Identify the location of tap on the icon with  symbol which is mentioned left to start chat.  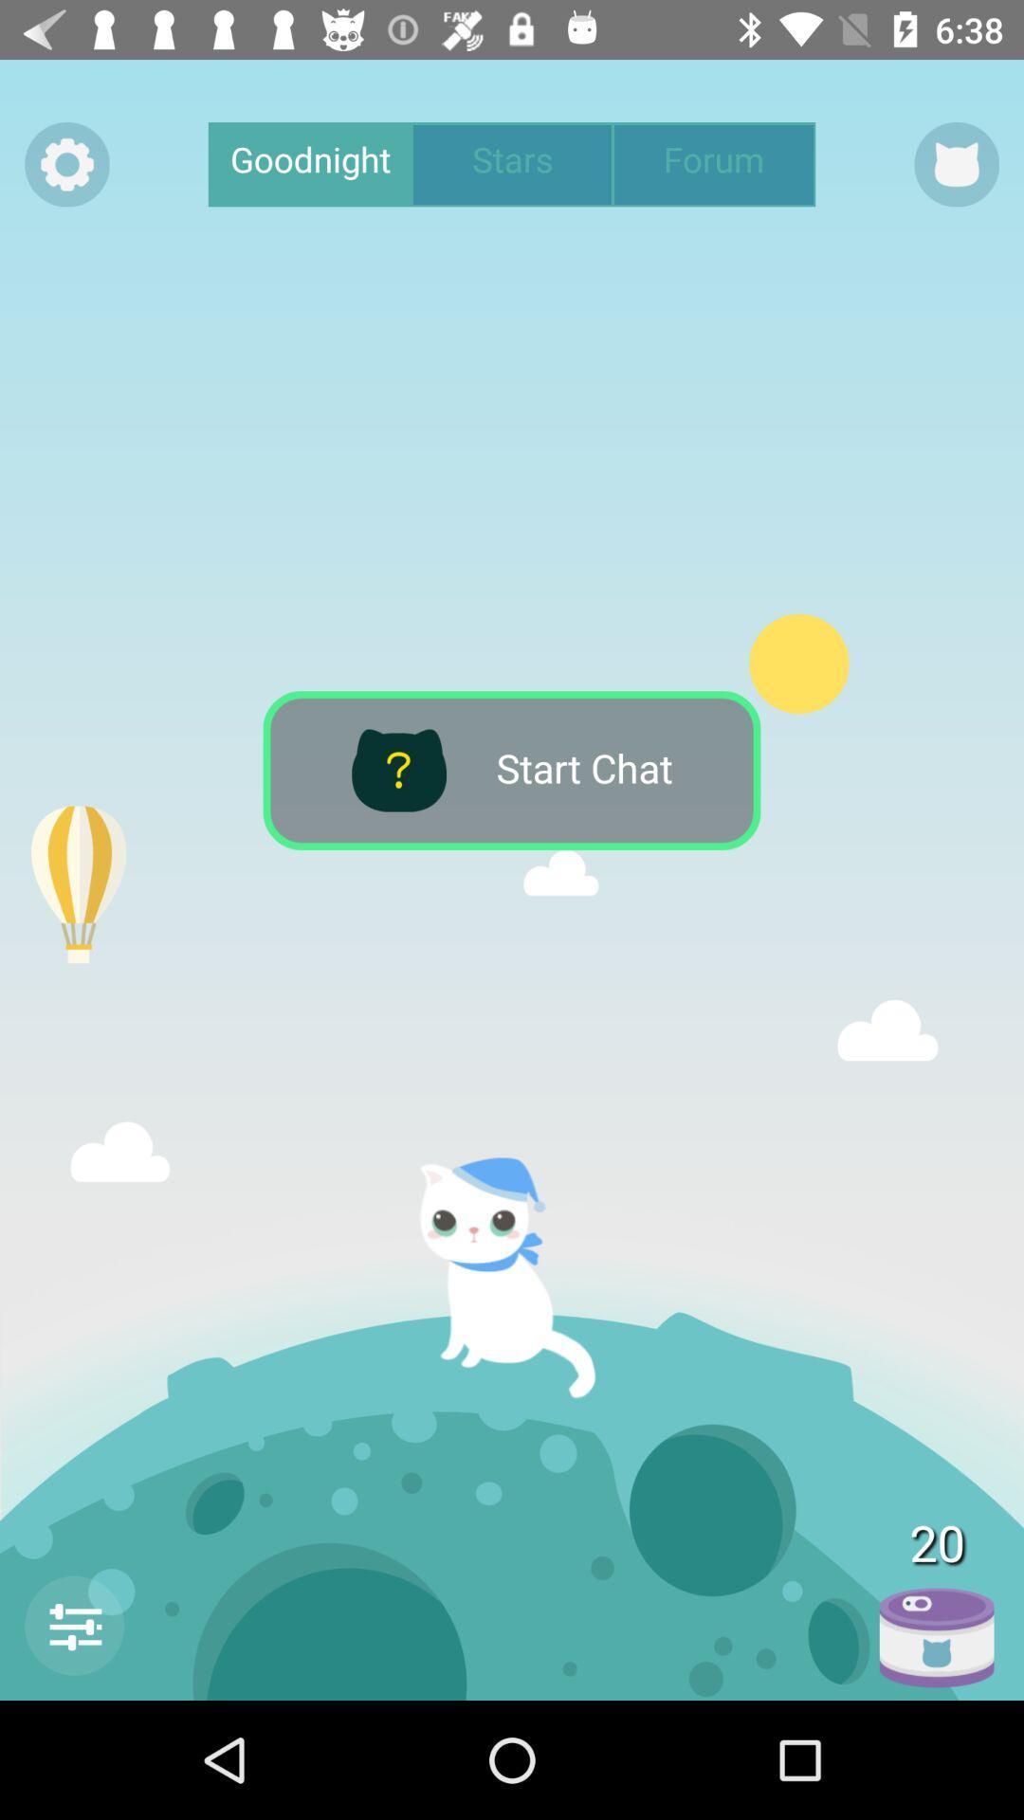
(397, 771).